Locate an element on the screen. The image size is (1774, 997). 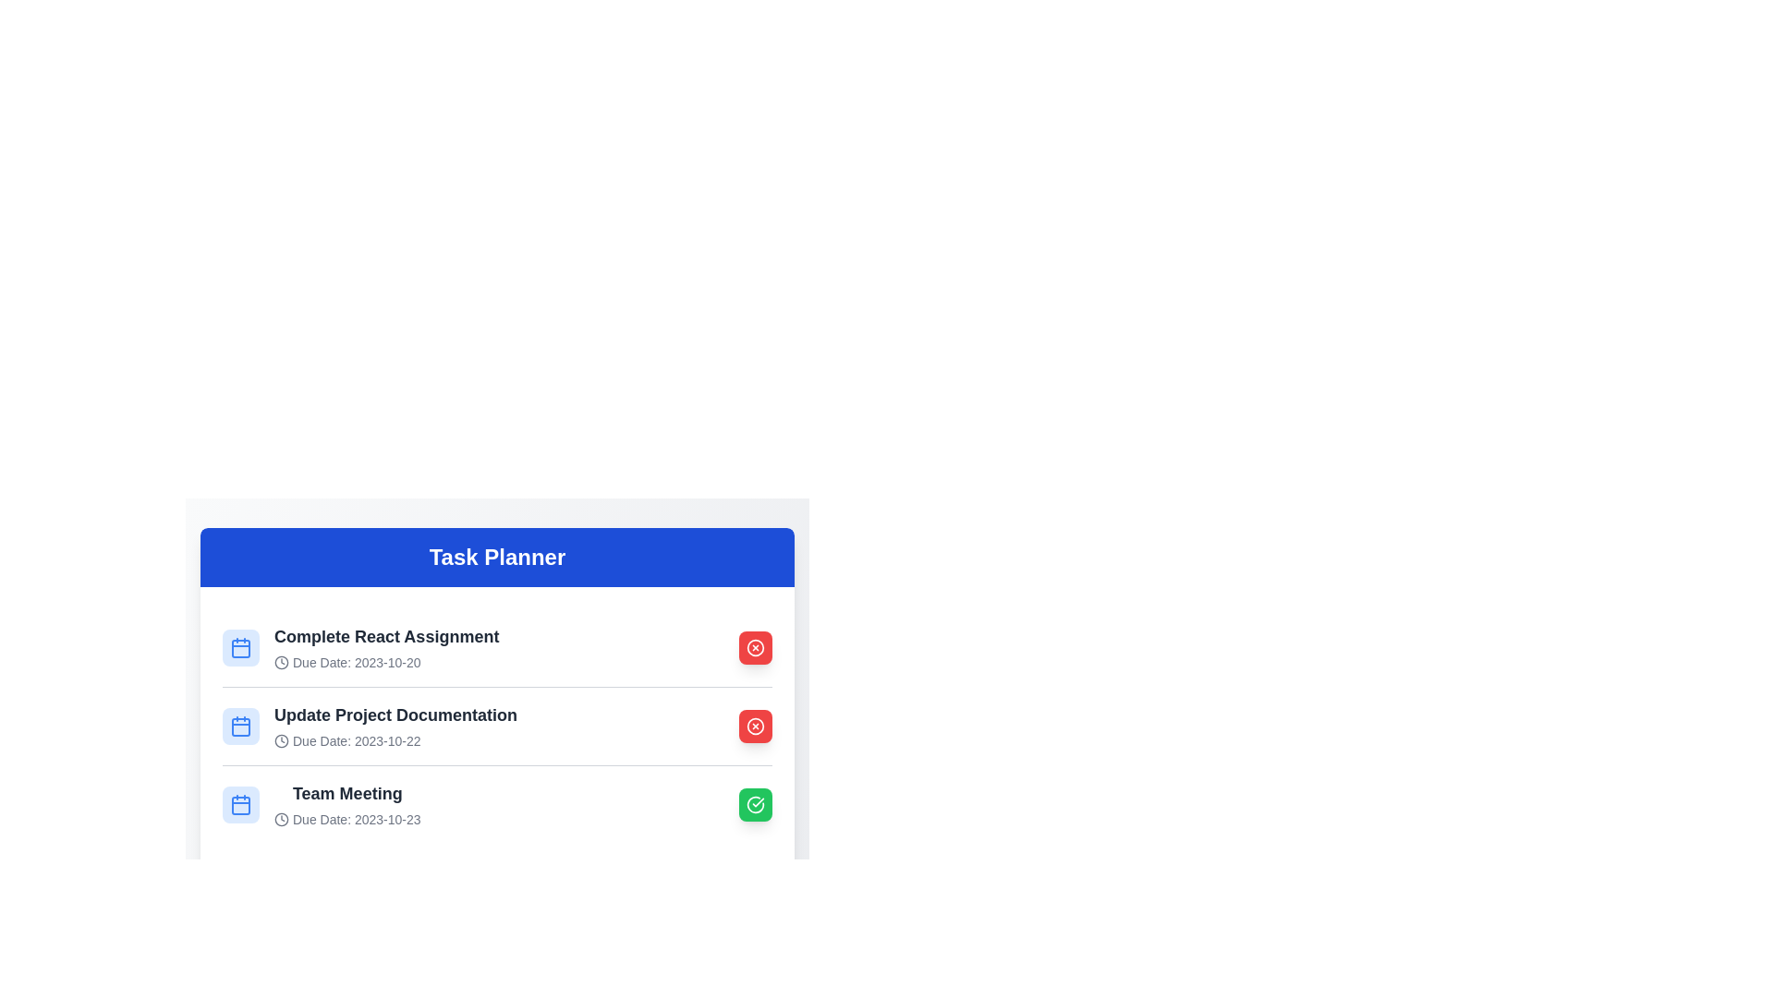
the second task item in the 'Task Planner' section to initiate further interactions or actions is located at coordinates (370, 725).